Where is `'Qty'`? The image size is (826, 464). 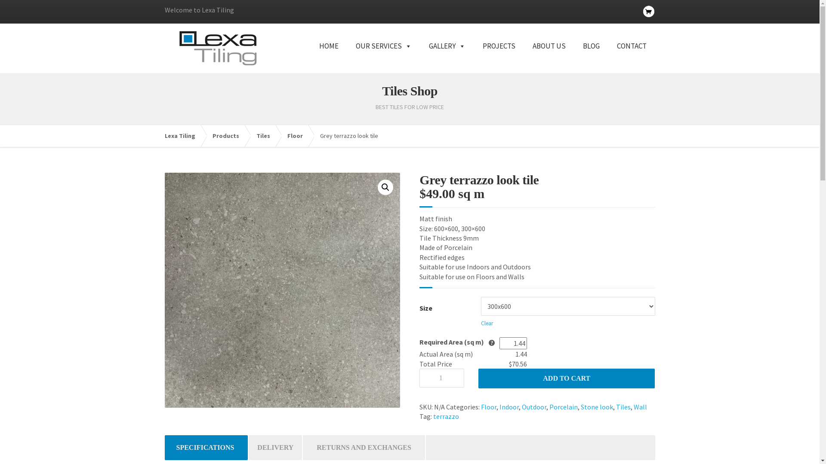 'Qty' is located at coordinates (442, 377).